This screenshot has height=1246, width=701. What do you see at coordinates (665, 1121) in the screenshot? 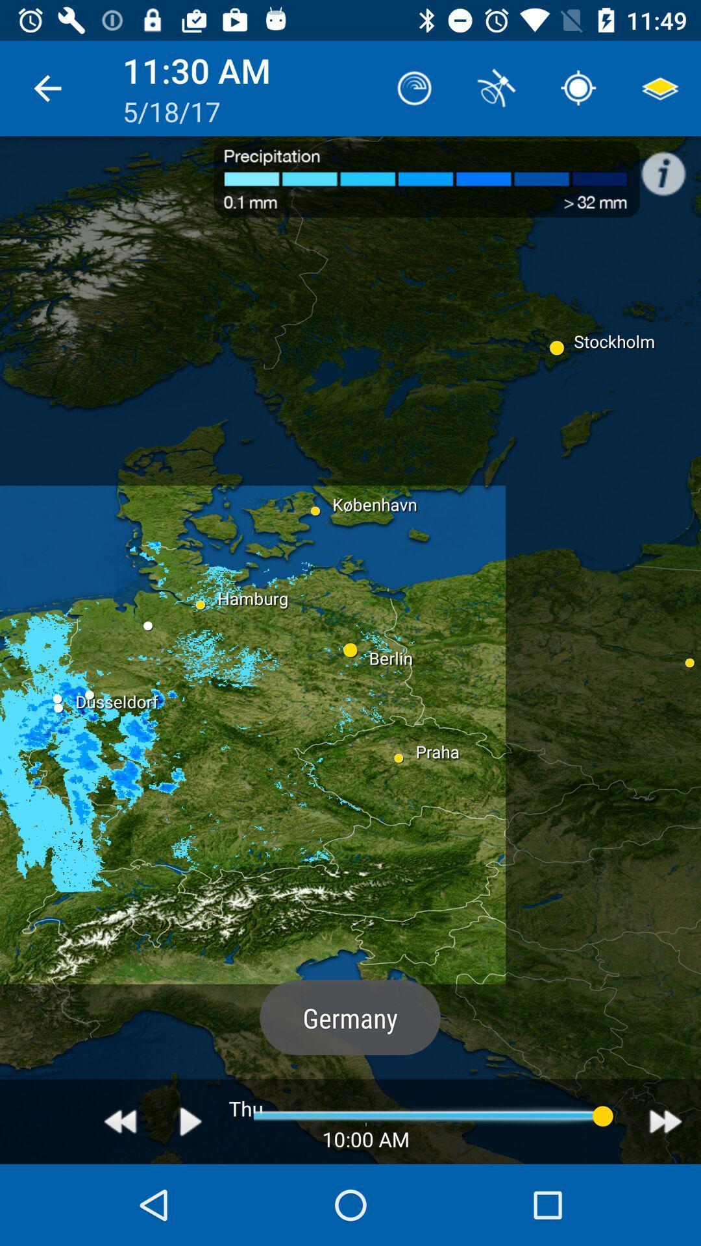
I see `the av_forward icon` at bounding box center [665, 1121].